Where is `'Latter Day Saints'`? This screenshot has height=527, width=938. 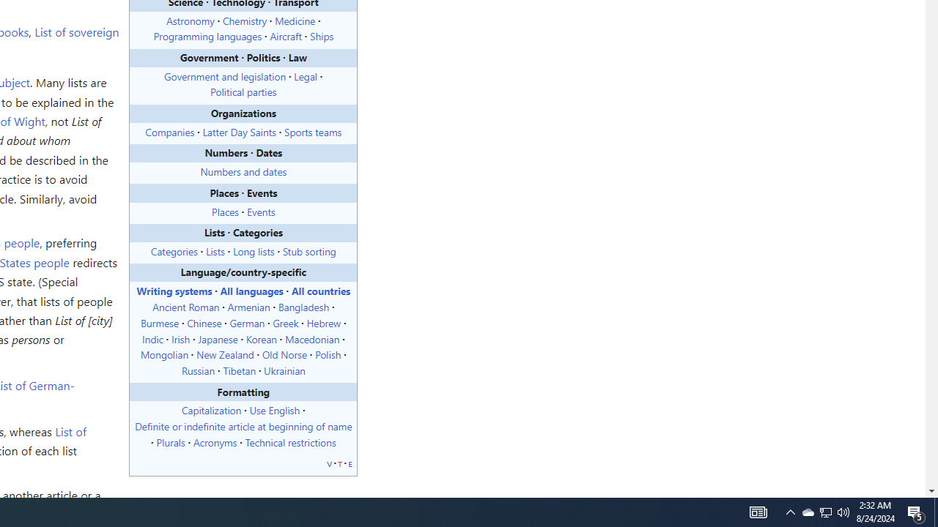
'Latter Day Saints' is located at coordinates (240, 130).